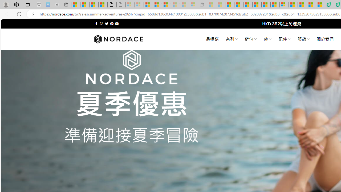 Image resolution: width=341 pixels, height=192 pixels. I want to click on 'Follow on Twitter', so click(107, 23).